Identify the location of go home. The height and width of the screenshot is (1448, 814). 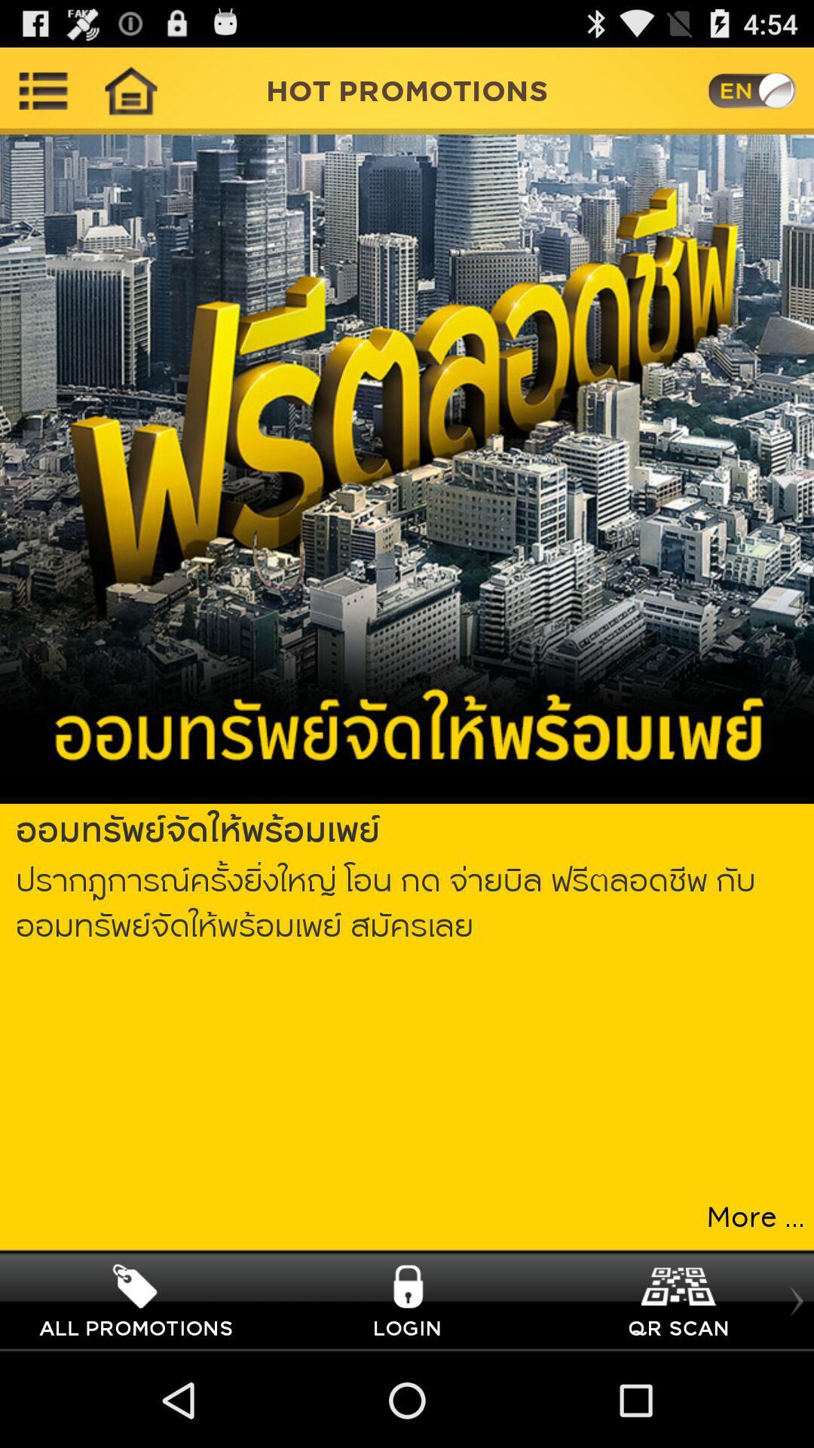
(130, 90).